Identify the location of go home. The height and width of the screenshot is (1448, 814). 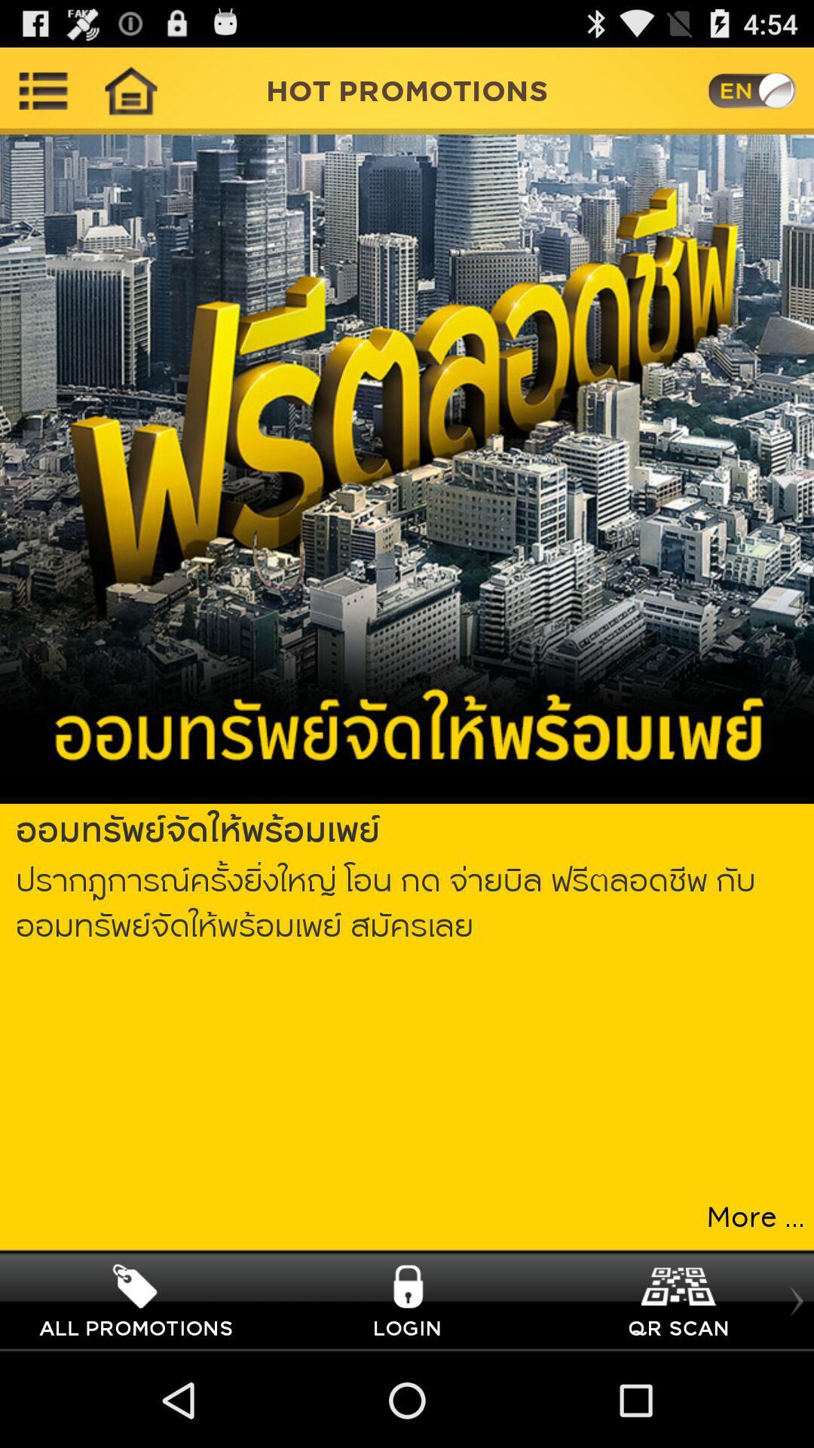
(130, 90).